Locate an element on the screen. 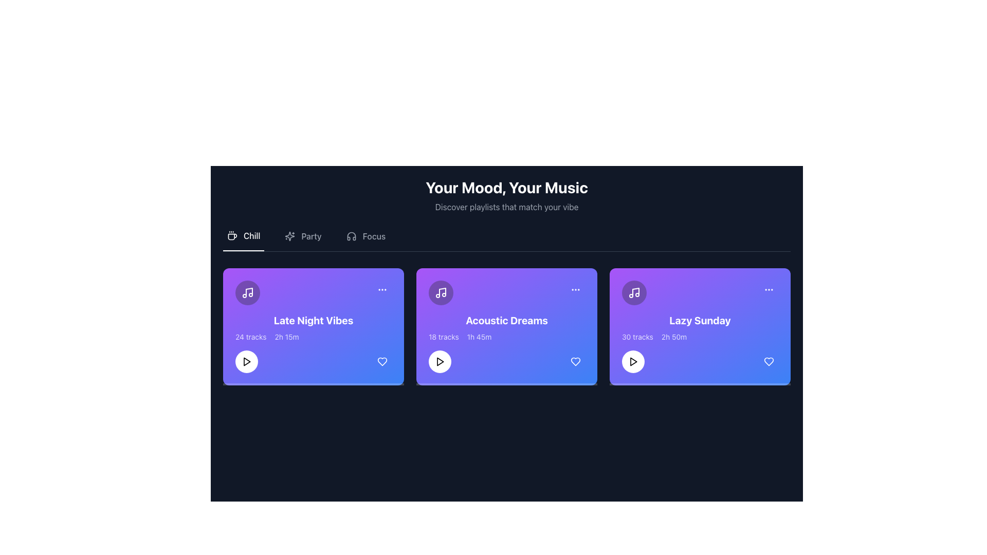 This screenshot has width=987, height=555. the Decorative bar located at the bottom of the 'Lazy Sunday' playlist card, which has a semi-transparent white background and spans the full width of the card is located at coordinates (700, 384).